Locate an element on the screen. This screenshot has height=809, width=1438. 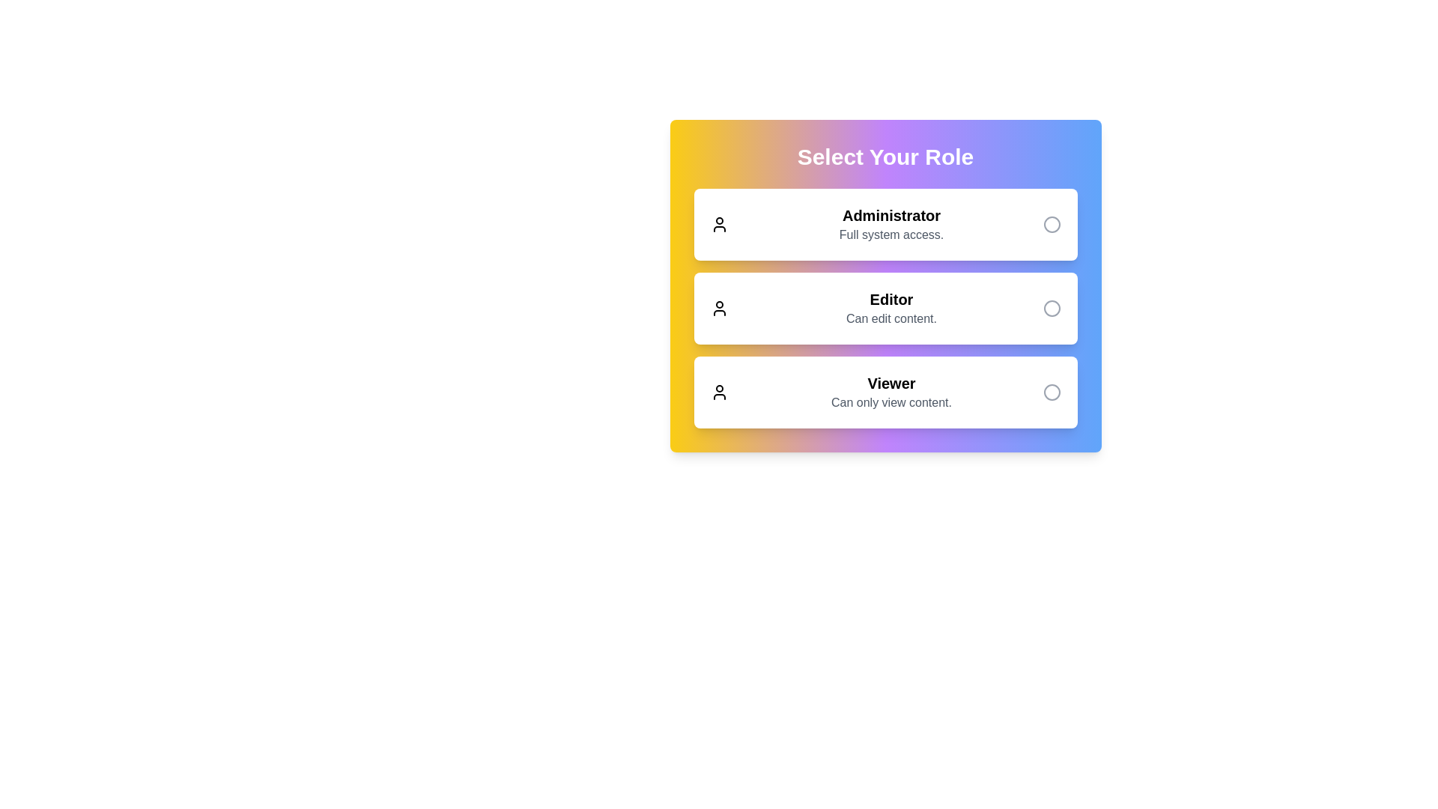
the text label displaying 'Administrator' with a description of 'Full system access' located in the first selectable block is located at coordinates (891, 225).